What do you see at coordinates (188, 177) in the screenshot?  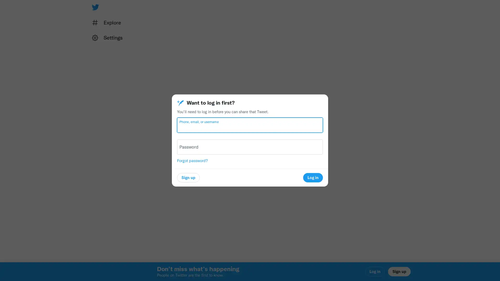 I see `Sign up` at bounding box center [188, 177].